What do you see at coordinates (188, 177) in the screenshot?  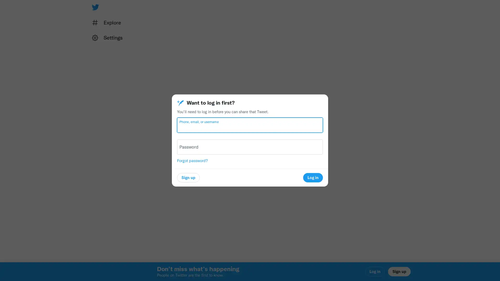 I see `Sign up` at bounding box center [188, 177].